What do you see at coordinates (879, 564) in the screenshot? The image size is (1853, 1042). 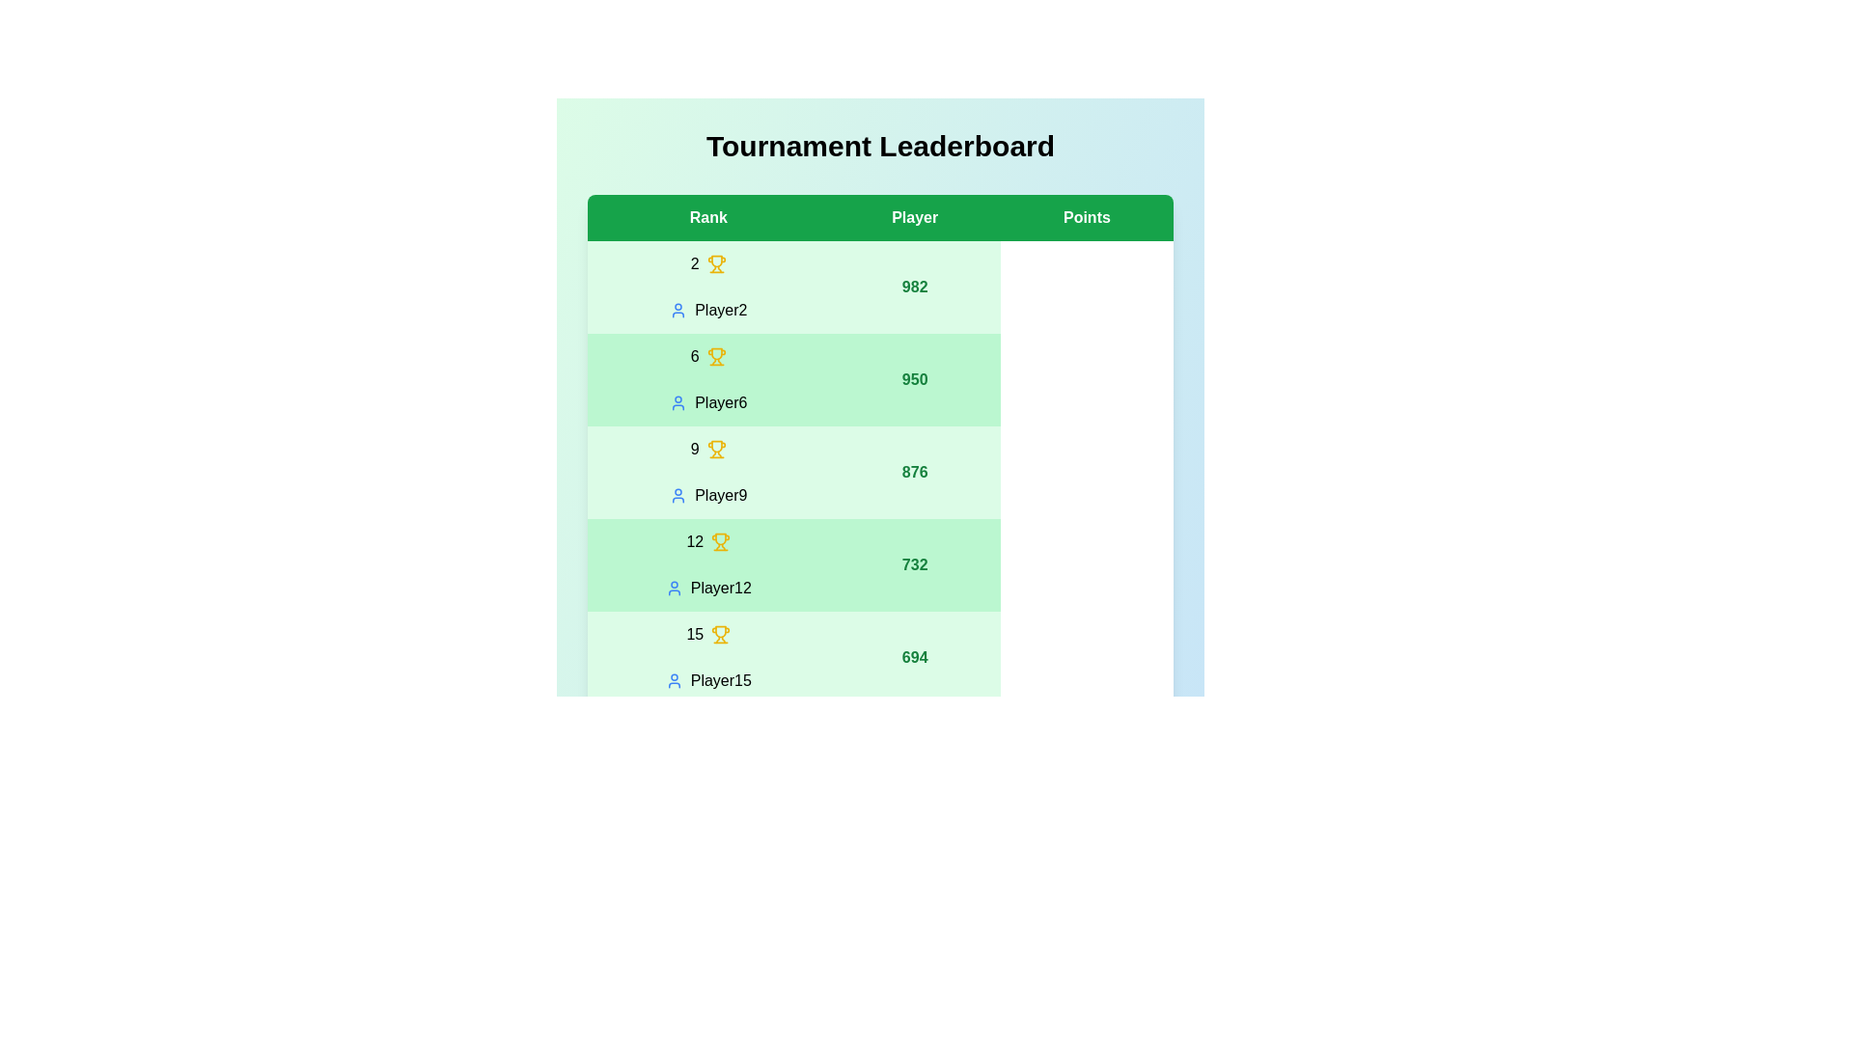 I see `the row corresponding to rank 12` at bounding box center [879, 564].